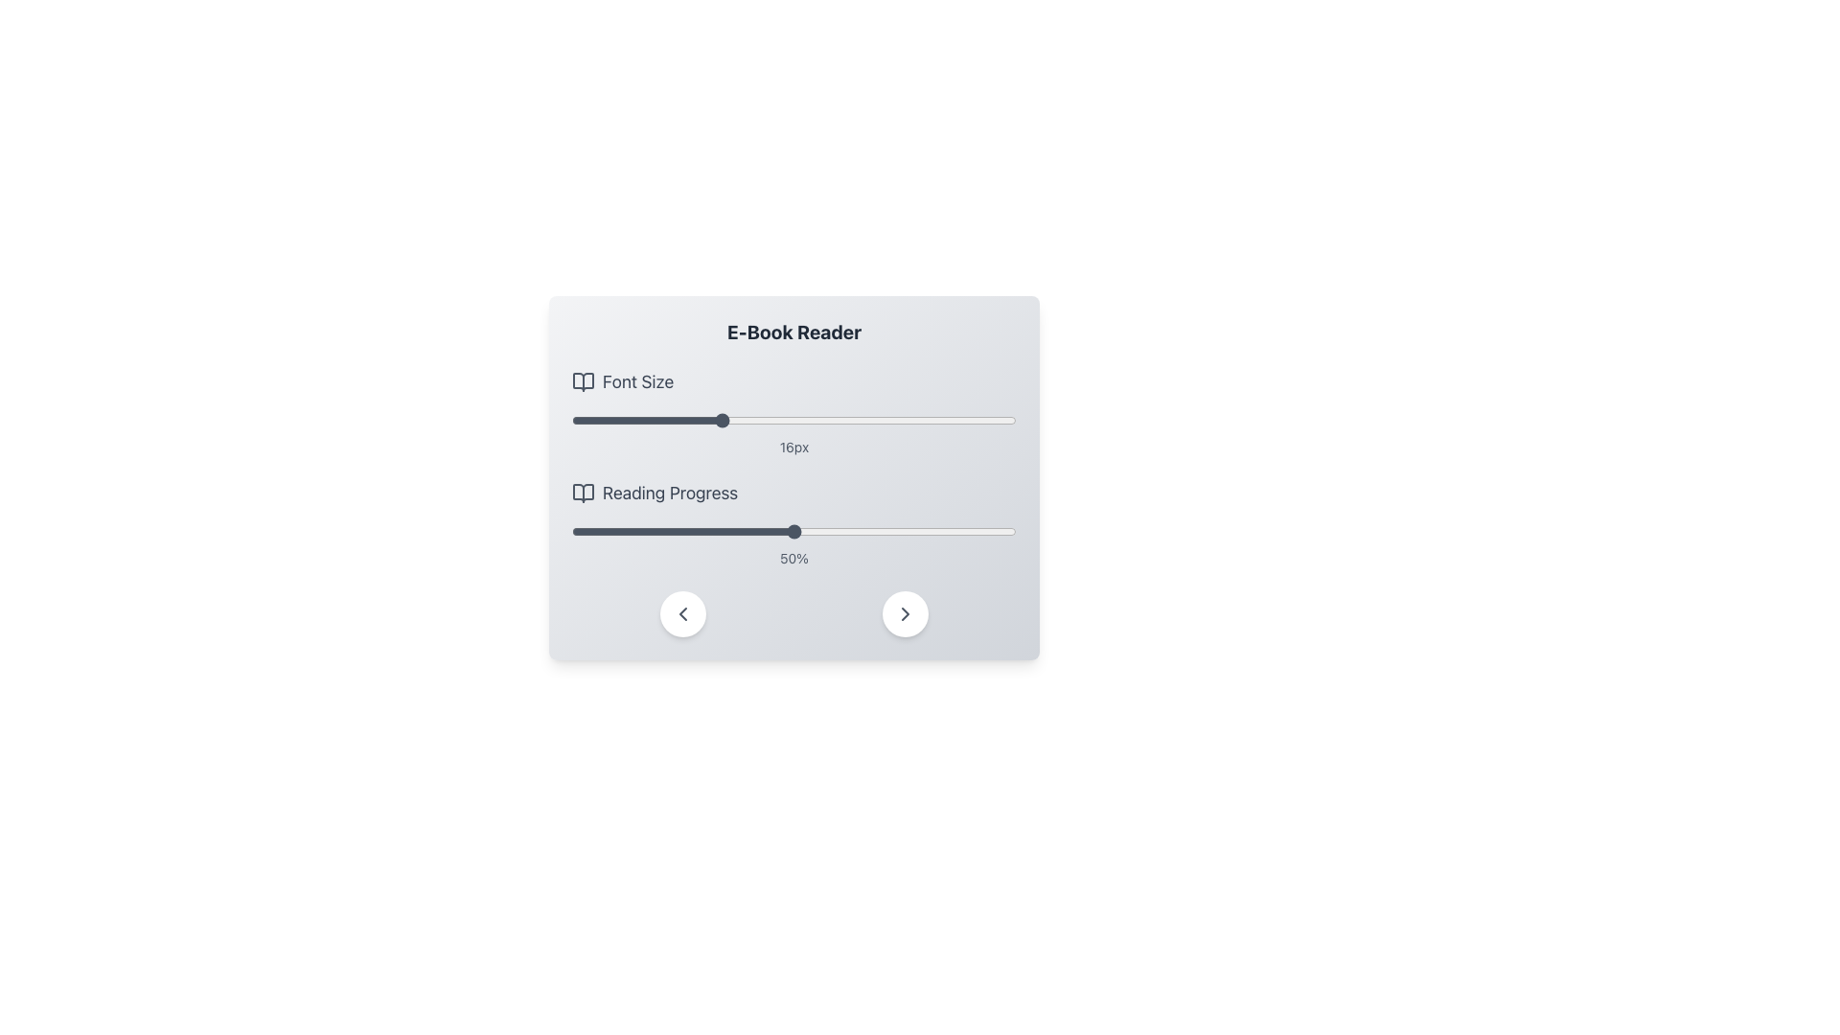 This screenshot has width=1840, height=1035. I want to click on the progress bar located below the 'Font Size' section, which visually indicates the user's reading progress with a percentage display, so click(794, 524).